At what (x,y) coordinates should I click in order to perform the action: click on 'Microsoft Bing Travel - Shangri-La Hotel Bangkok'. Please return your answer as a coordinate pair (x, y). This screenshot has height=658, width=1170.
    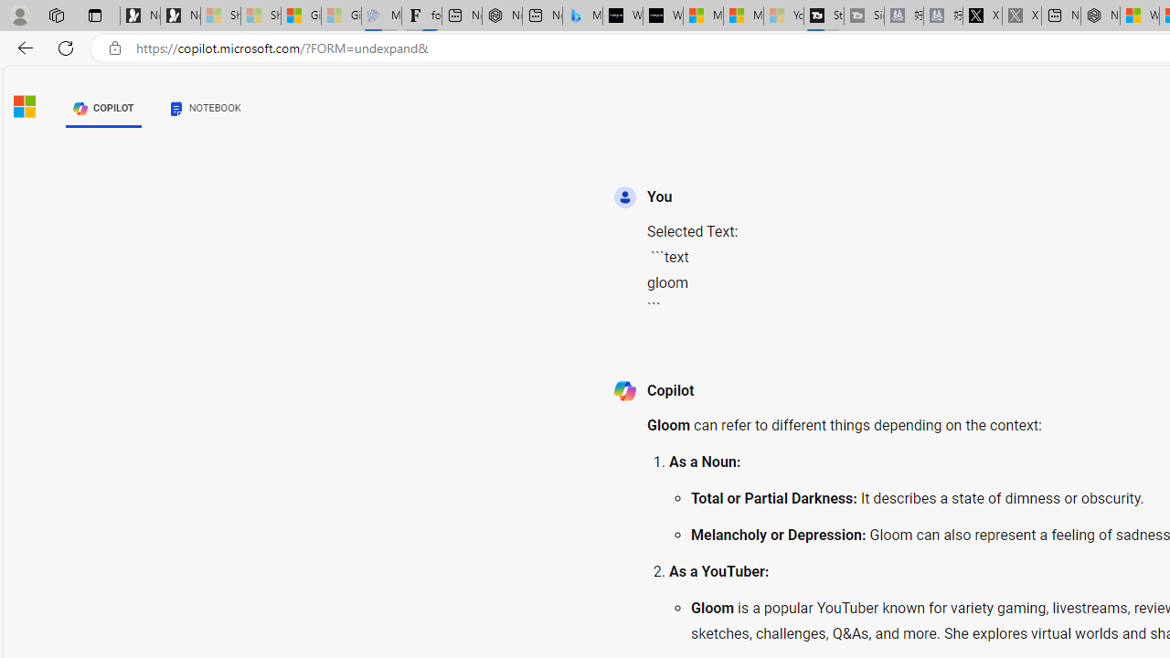
    Looking at the image, I should click on (581, 16).